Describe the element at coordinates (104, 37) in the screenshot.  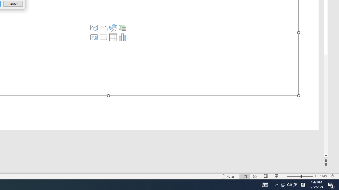
I see `'Insert Video'` at that location.